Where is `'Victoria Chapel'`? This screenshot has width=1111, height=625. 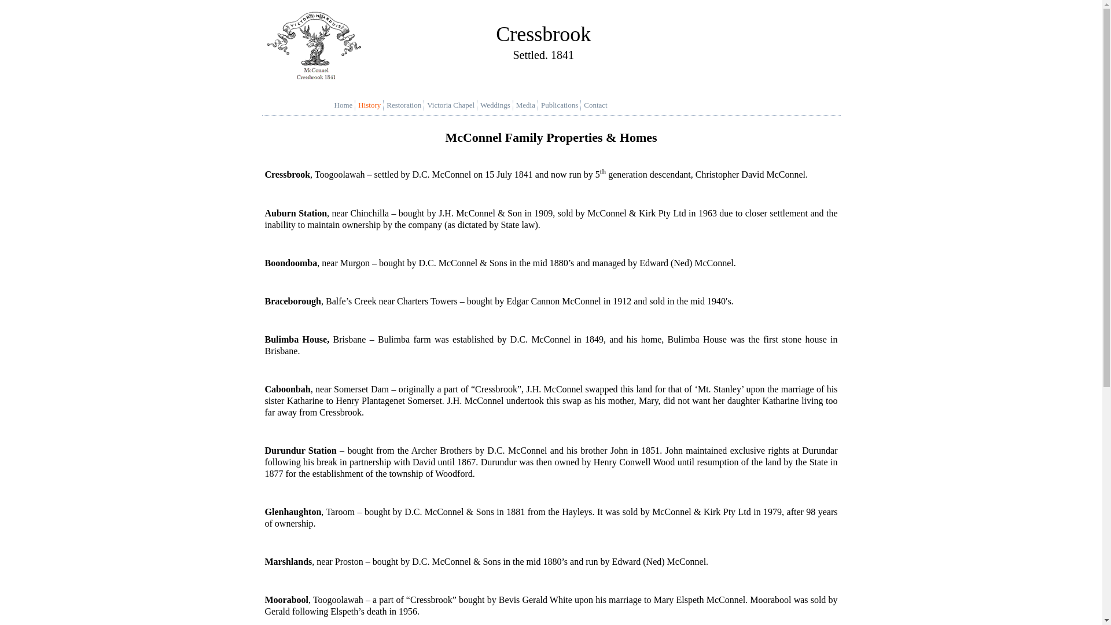 'Victoria Chapel' is located at coordinates (453, 105).